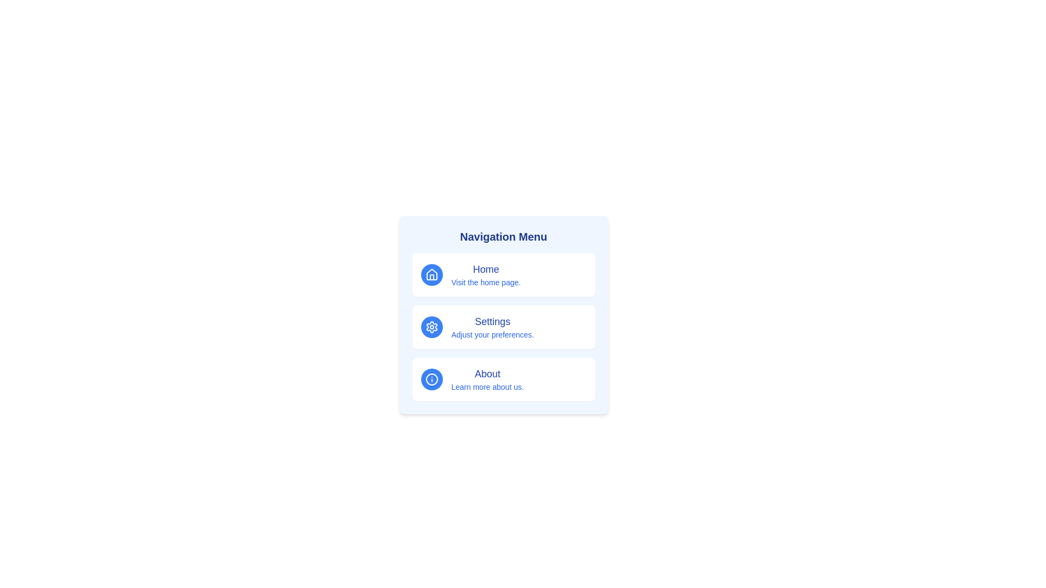 Image resolution: width=1046 pixels, height=588 pixels. Describe the element at coordinates (485, 269) in the screenshot. I see `the 'Home' text label, which is styled in bold and blue color, located at the top of the navigation menu` at that location.